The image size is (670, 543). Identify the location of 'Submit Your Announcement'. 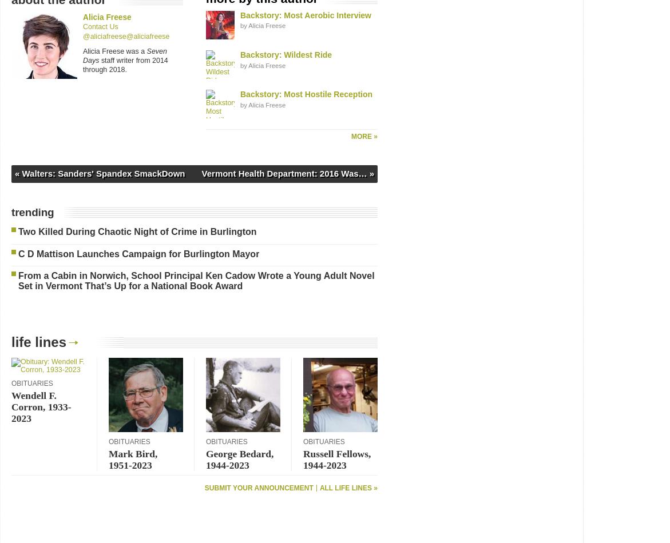
(204, 487).